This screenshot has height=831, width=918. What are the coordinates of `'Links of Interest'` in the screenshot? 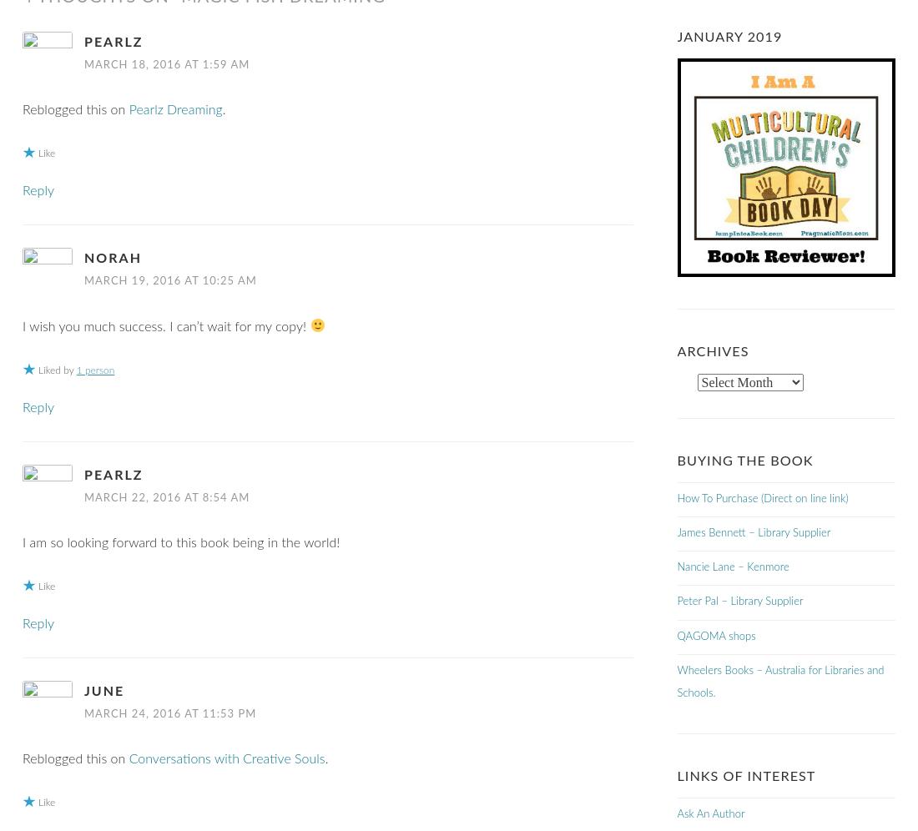 It's located at (744, 776).